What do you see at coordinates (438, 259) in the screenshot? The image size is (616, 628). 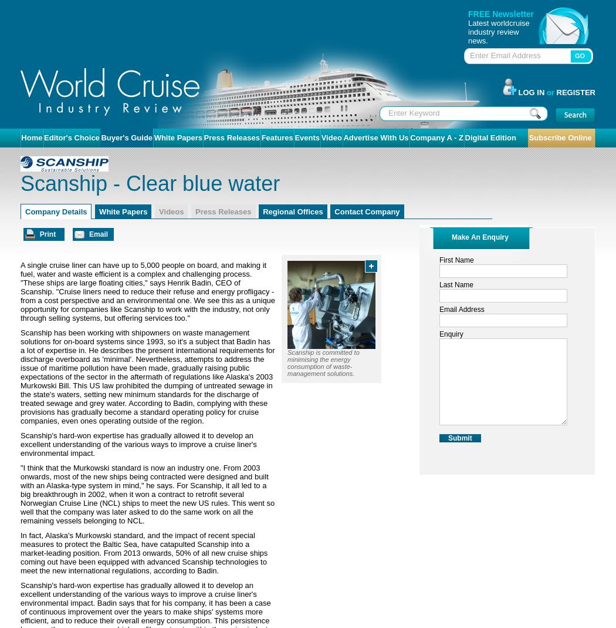 I see `'First Name'` at bounding box center [438, 259].